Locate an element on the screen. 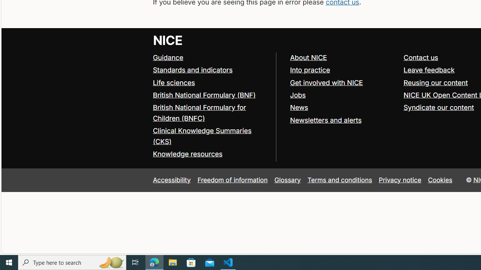  'British National Formulary for Children (BNFC)' is located at coordinates (210, 113).